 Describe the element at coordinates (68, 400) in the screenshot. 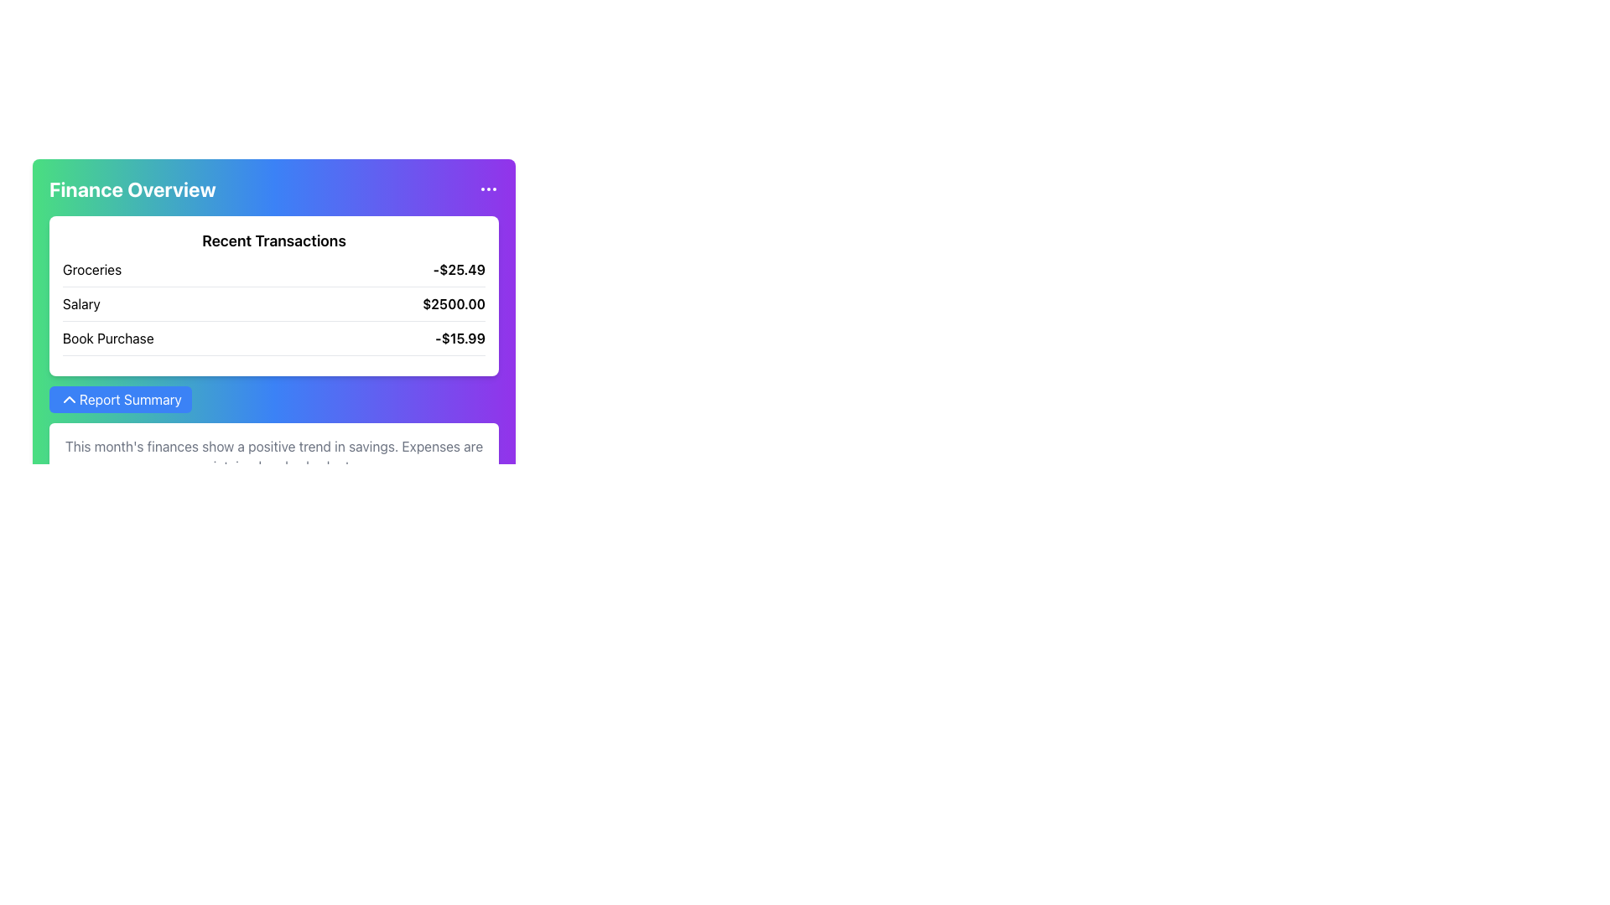

I see `the upward-pointing chevron SVG icon located to the left of the 'Report Summary' button to observe contextual feedback` at that location.